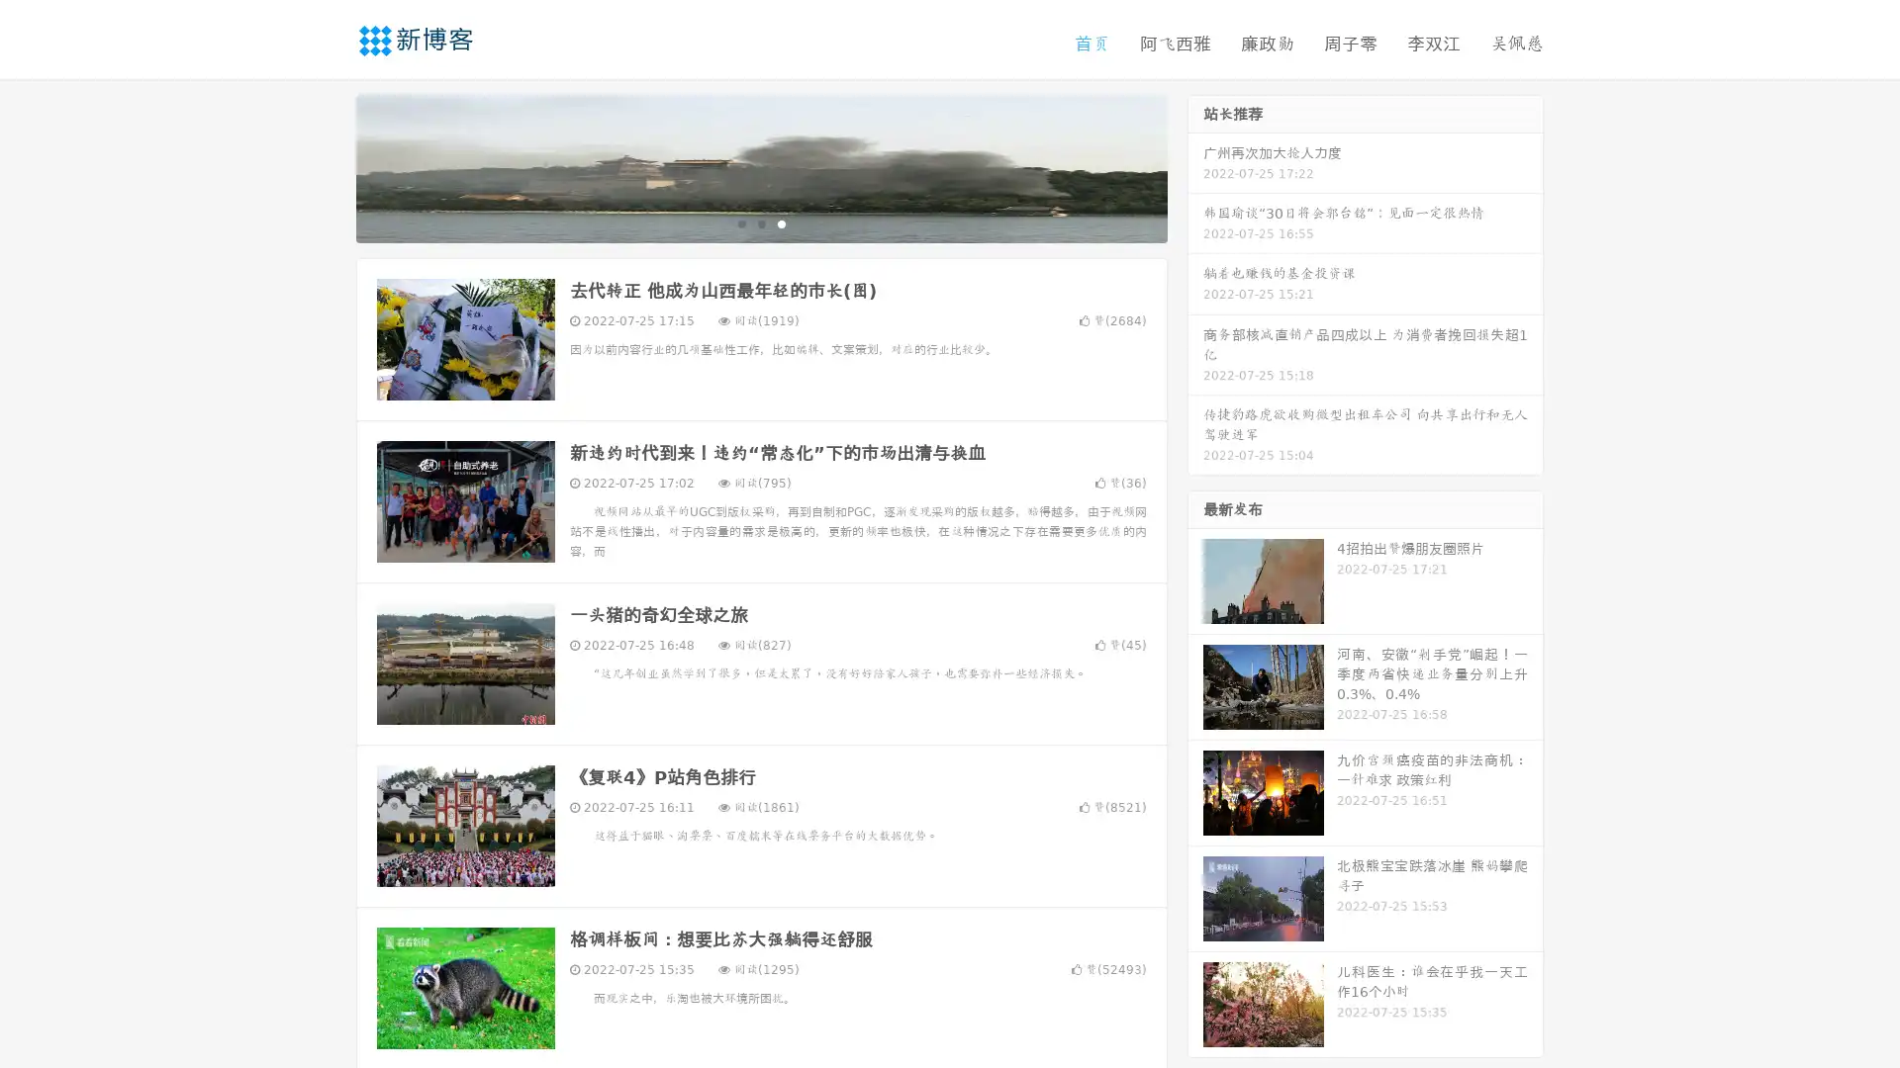 Image resolution: width=1900 pixels, height=1068 pixels. Describe the element at coordinates (760, 222) in the screenshot. I see `Go to slide 2` at that location.